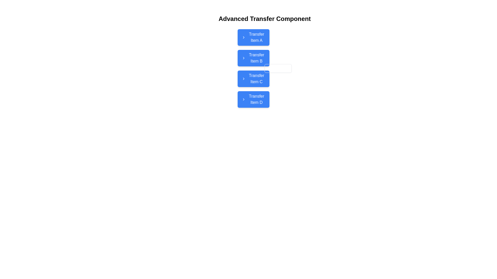 This screenshot has height=279, width=497. I want to click on keyboard navigation, so click(253, 99).